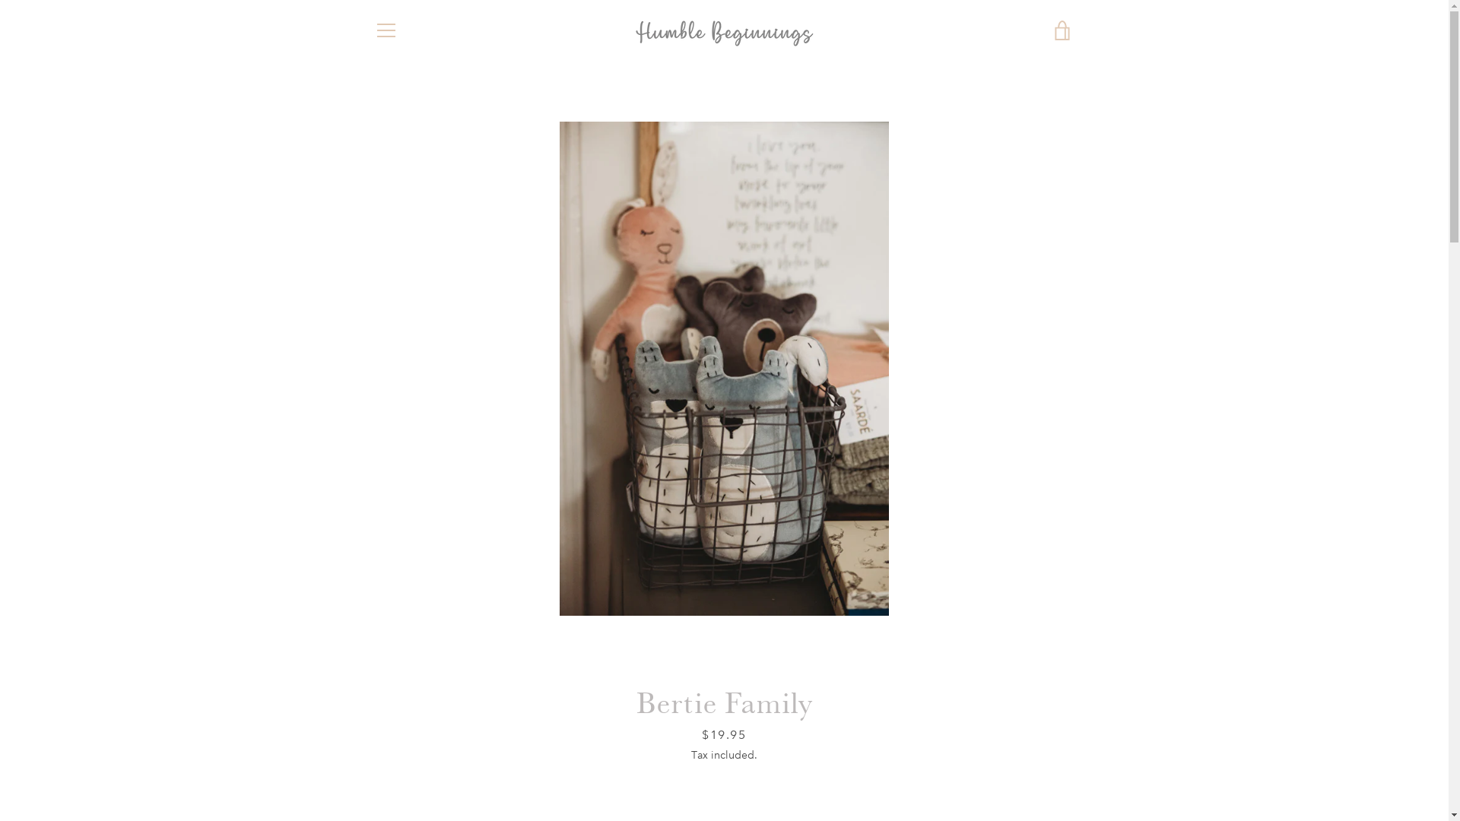 This screenshot has width=1460, height=821. Describe the element at coordinates (1043, 30) in the screenshot. I see `'VIEW CART'` at that location.